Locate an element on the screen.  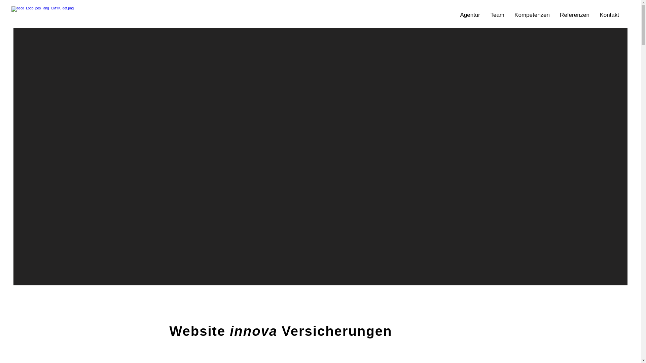
'Referenzen' is located at coordinates (574, 15).